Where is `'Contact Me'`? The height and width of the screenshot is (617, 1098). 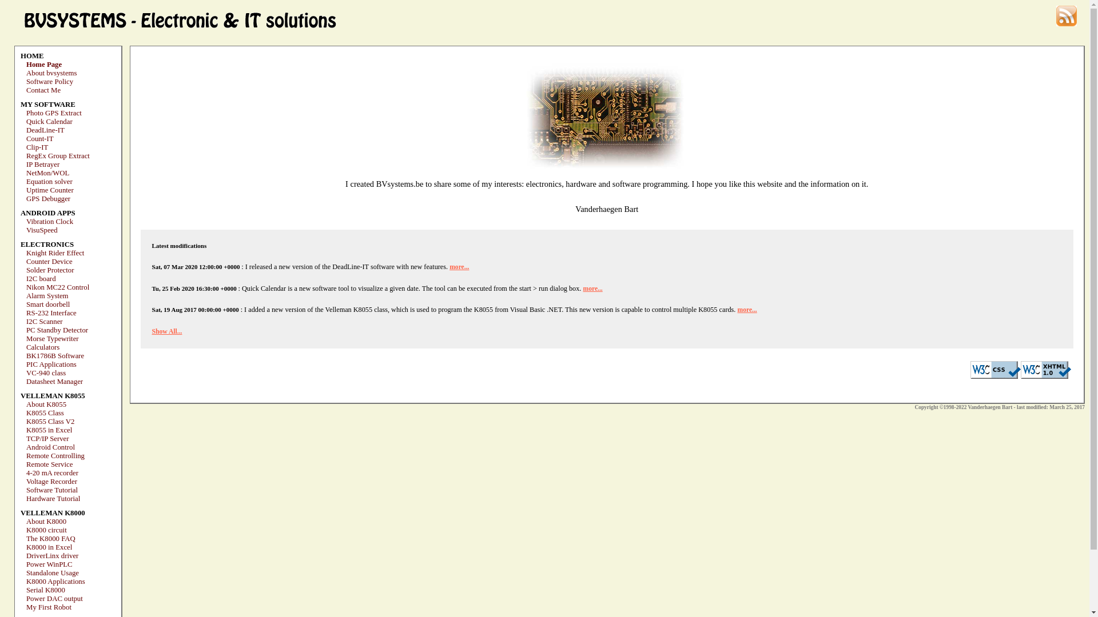 'Contact Me' is located at coordinates (43, 90).